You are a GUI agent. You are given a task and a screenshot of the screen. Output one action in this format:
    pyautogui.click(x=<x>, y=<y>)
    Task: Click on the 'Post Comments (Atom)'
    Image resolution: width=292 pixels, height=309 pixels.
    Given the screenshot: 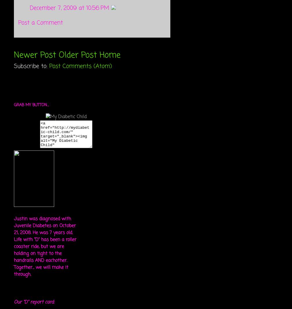 What is the action you would take?
    pyautogui.click(x=49, y=66)
    